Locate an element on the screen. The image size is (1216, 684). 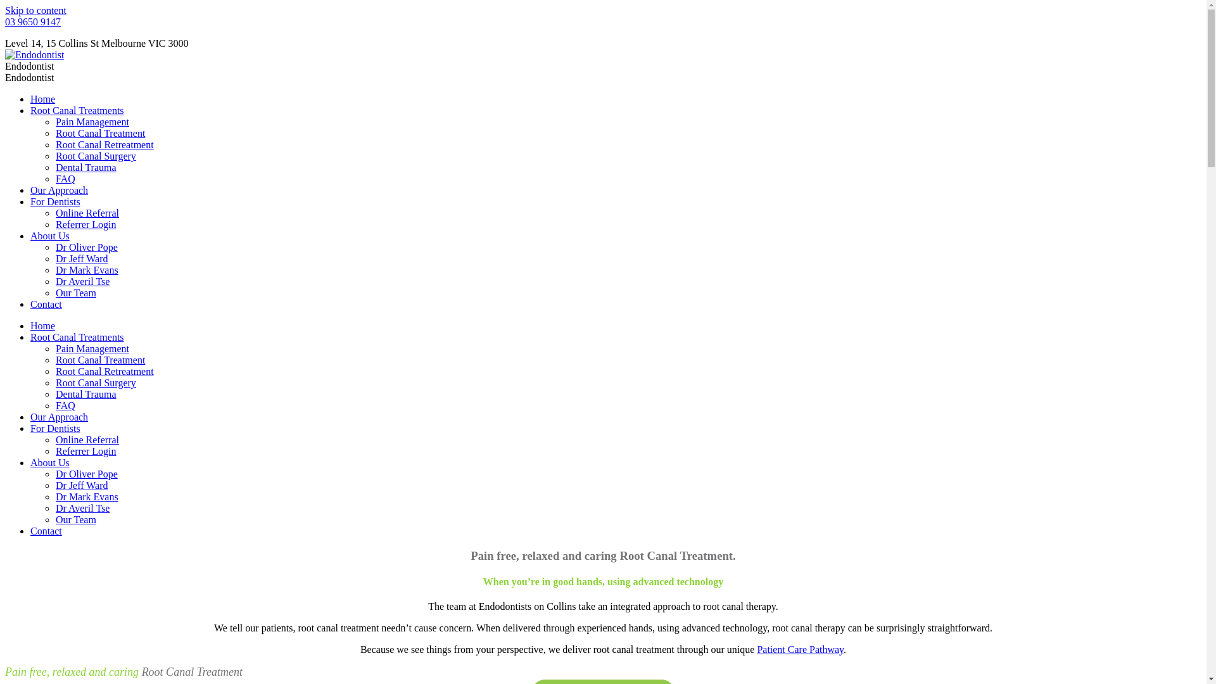
'Online Referral' is located at coordinates (87, 212).